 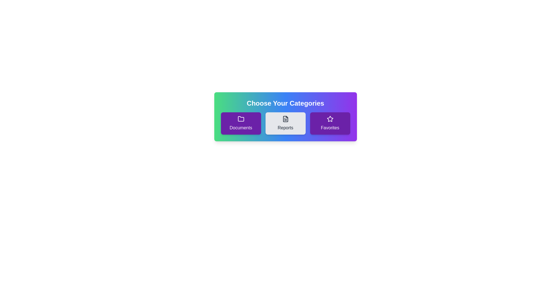 I want to click on the chip labeled Reports, so click(x=285, y=123).